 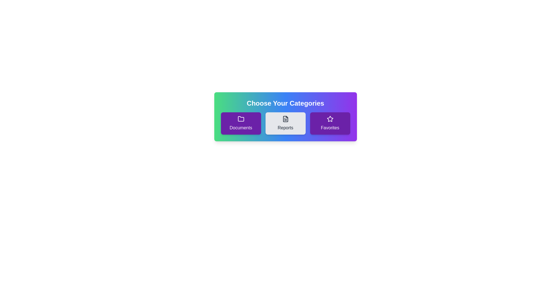 I want to click on the chip labeled Reports, so click(x=285, y=123).